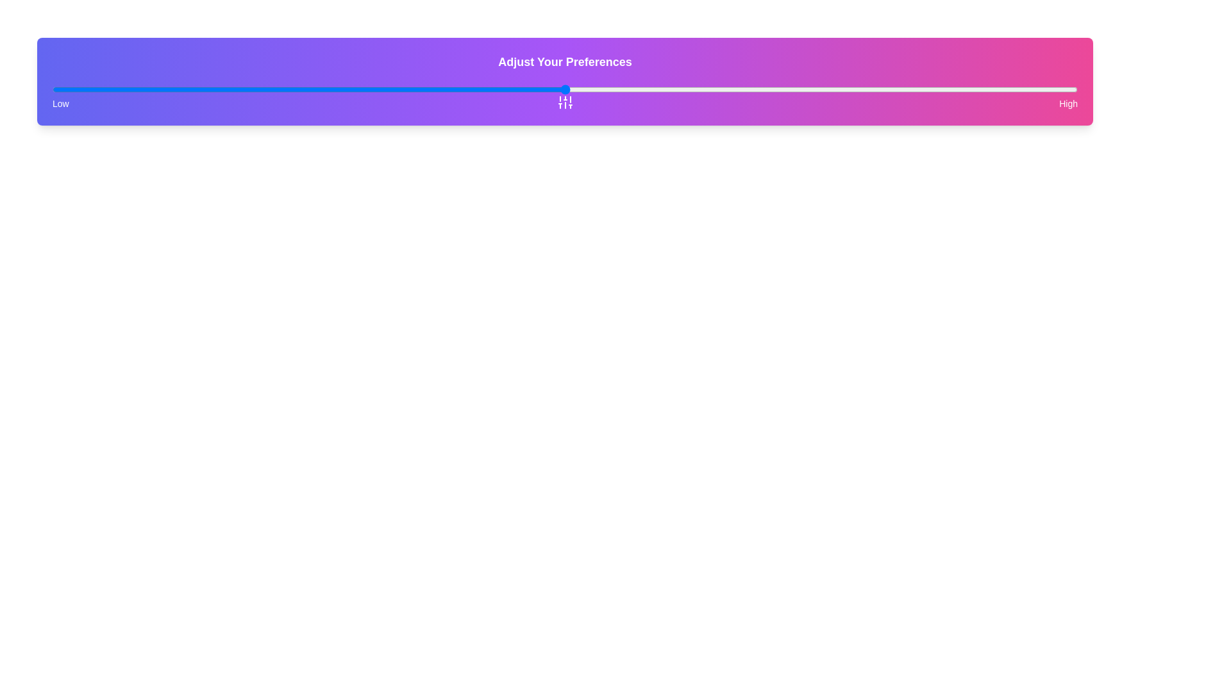 This screenshot has width=1231, height=692. Describe the element at coordinates (564, 103) in the screenshot. I see `the 'Low' or 'High' label in the 'Adjust Your Preferences' section` at that location.